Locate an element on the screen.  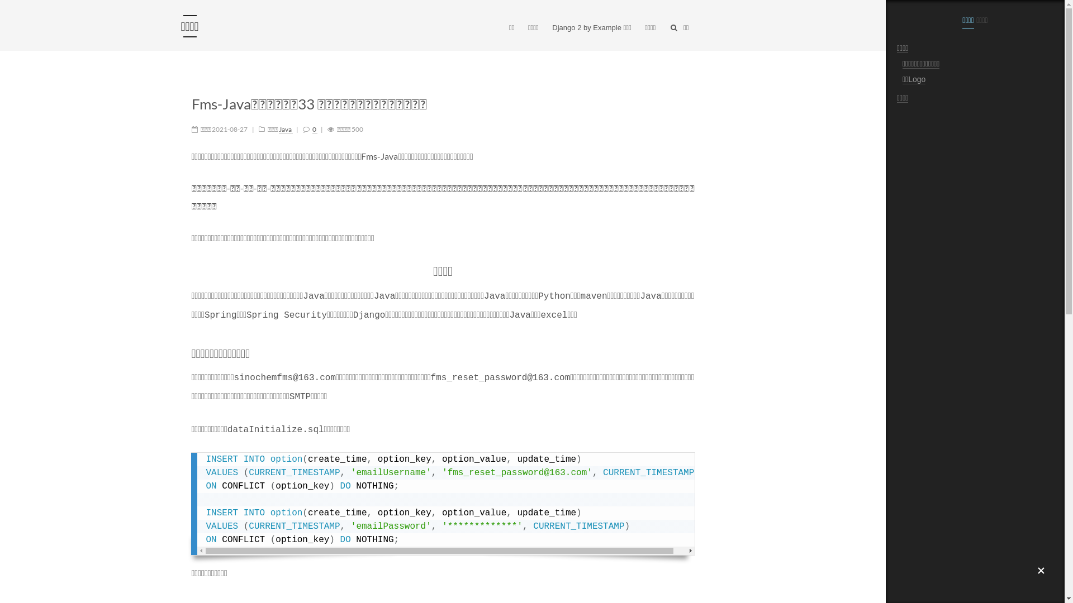
'Java' is located at coordinates (278, 128).